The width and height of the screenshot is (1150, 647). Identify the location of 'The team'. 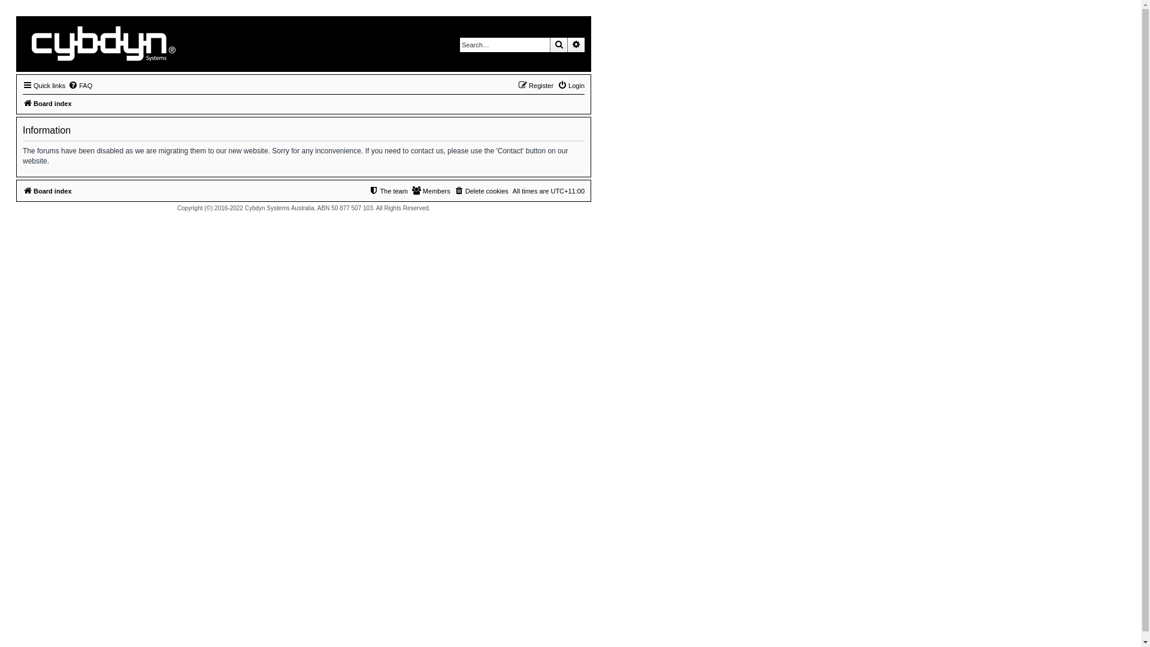
(388, 191).